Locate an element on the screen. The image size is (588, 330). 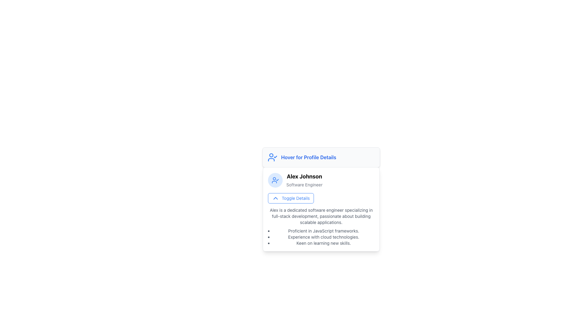
the Static Text Label with Icon that indicates a hover interaction prompt for displaying profile details, located above the 'Alex Johnson' profile section is located at coordinates (321, 157).